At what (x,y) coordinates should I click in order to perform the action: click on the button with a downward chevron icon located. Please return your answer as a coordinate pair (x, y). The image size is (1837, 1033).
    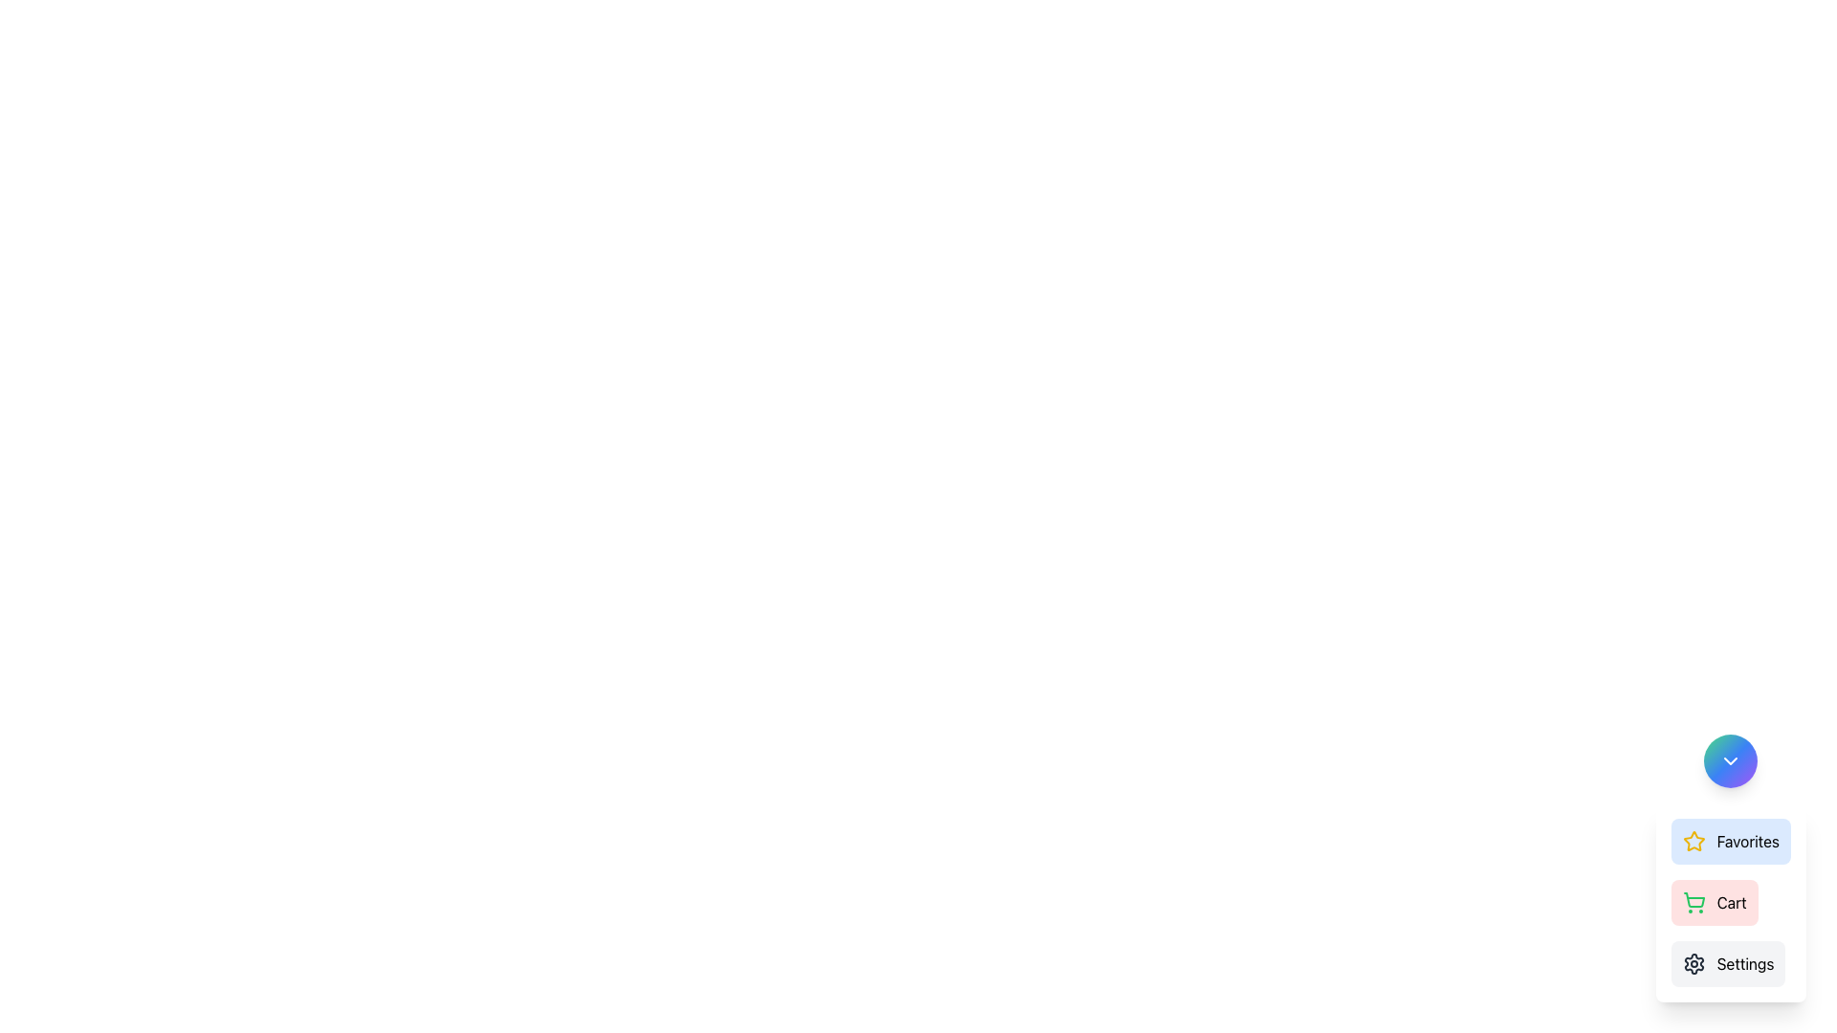
    Looking at the image, I should click on (1731, 759).